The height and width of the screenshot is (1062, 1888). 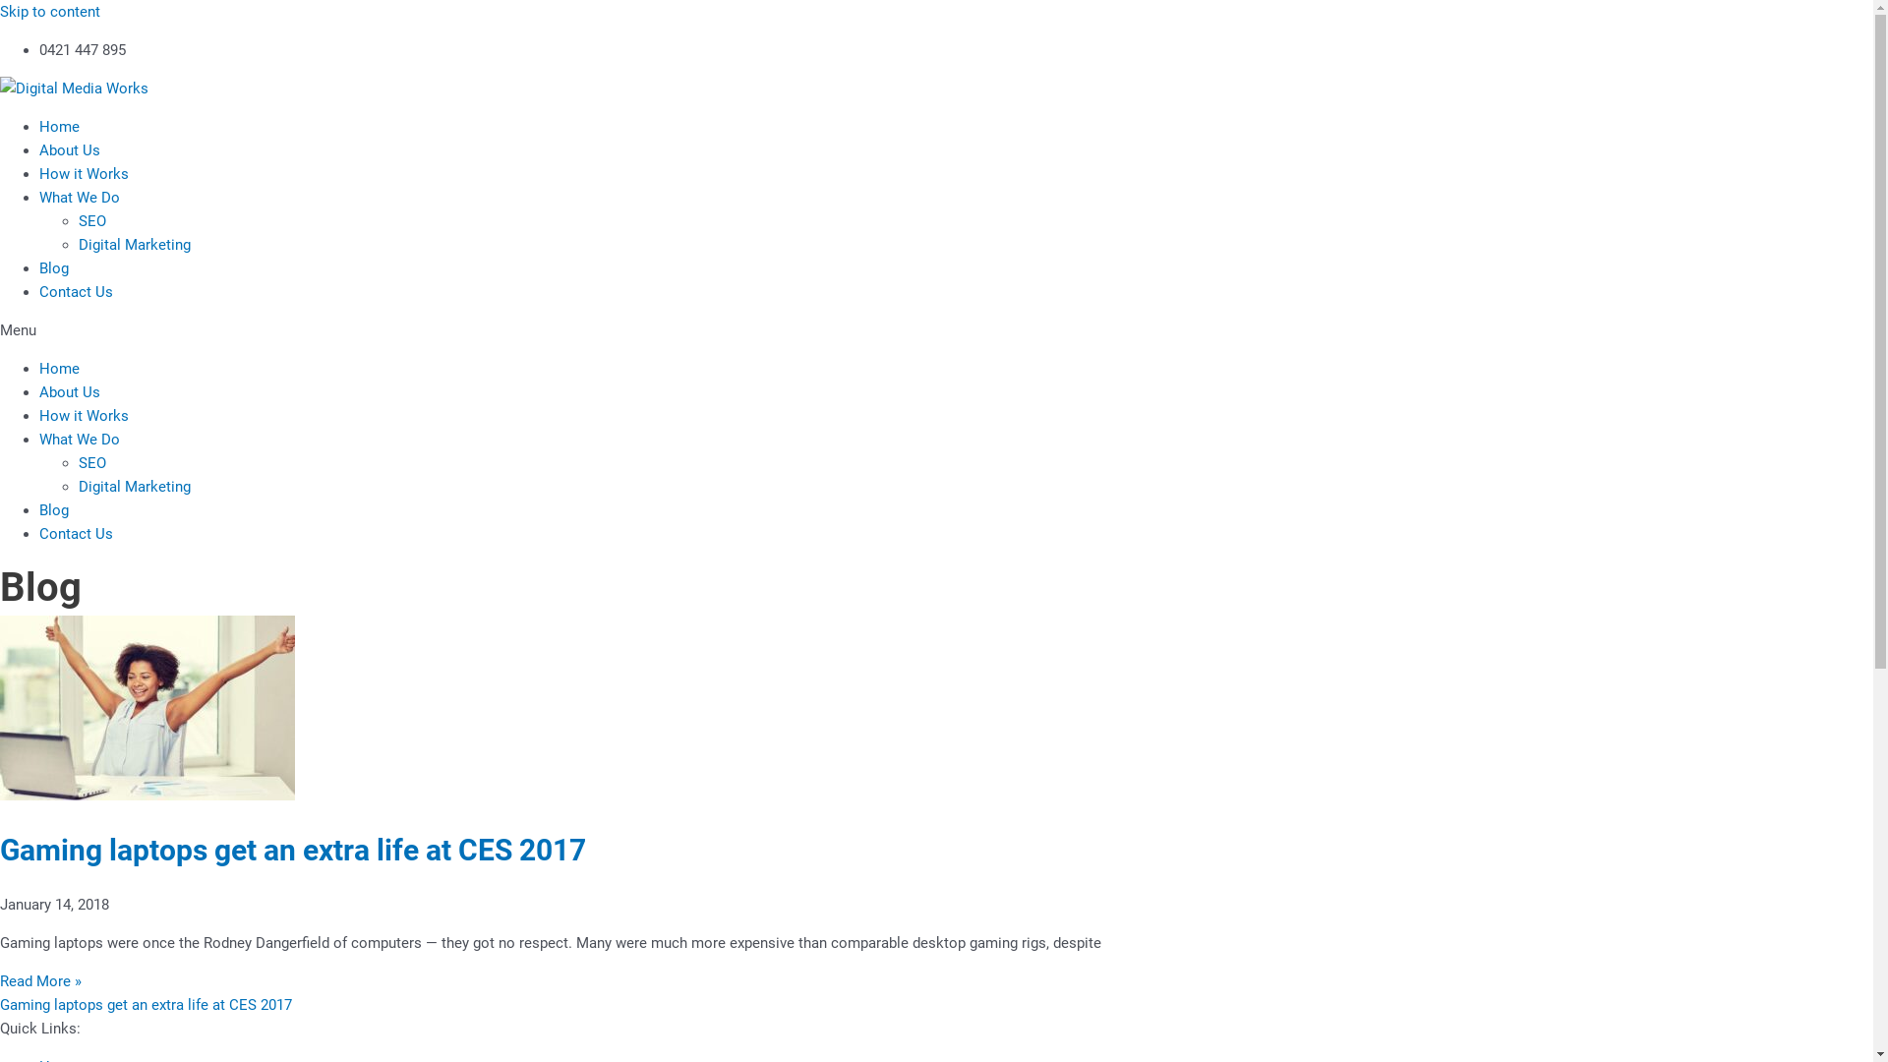 What do you see at coordinates (79, 439) in the screenshot?
I see `'What We Do'` at bounding box center [79, 439].